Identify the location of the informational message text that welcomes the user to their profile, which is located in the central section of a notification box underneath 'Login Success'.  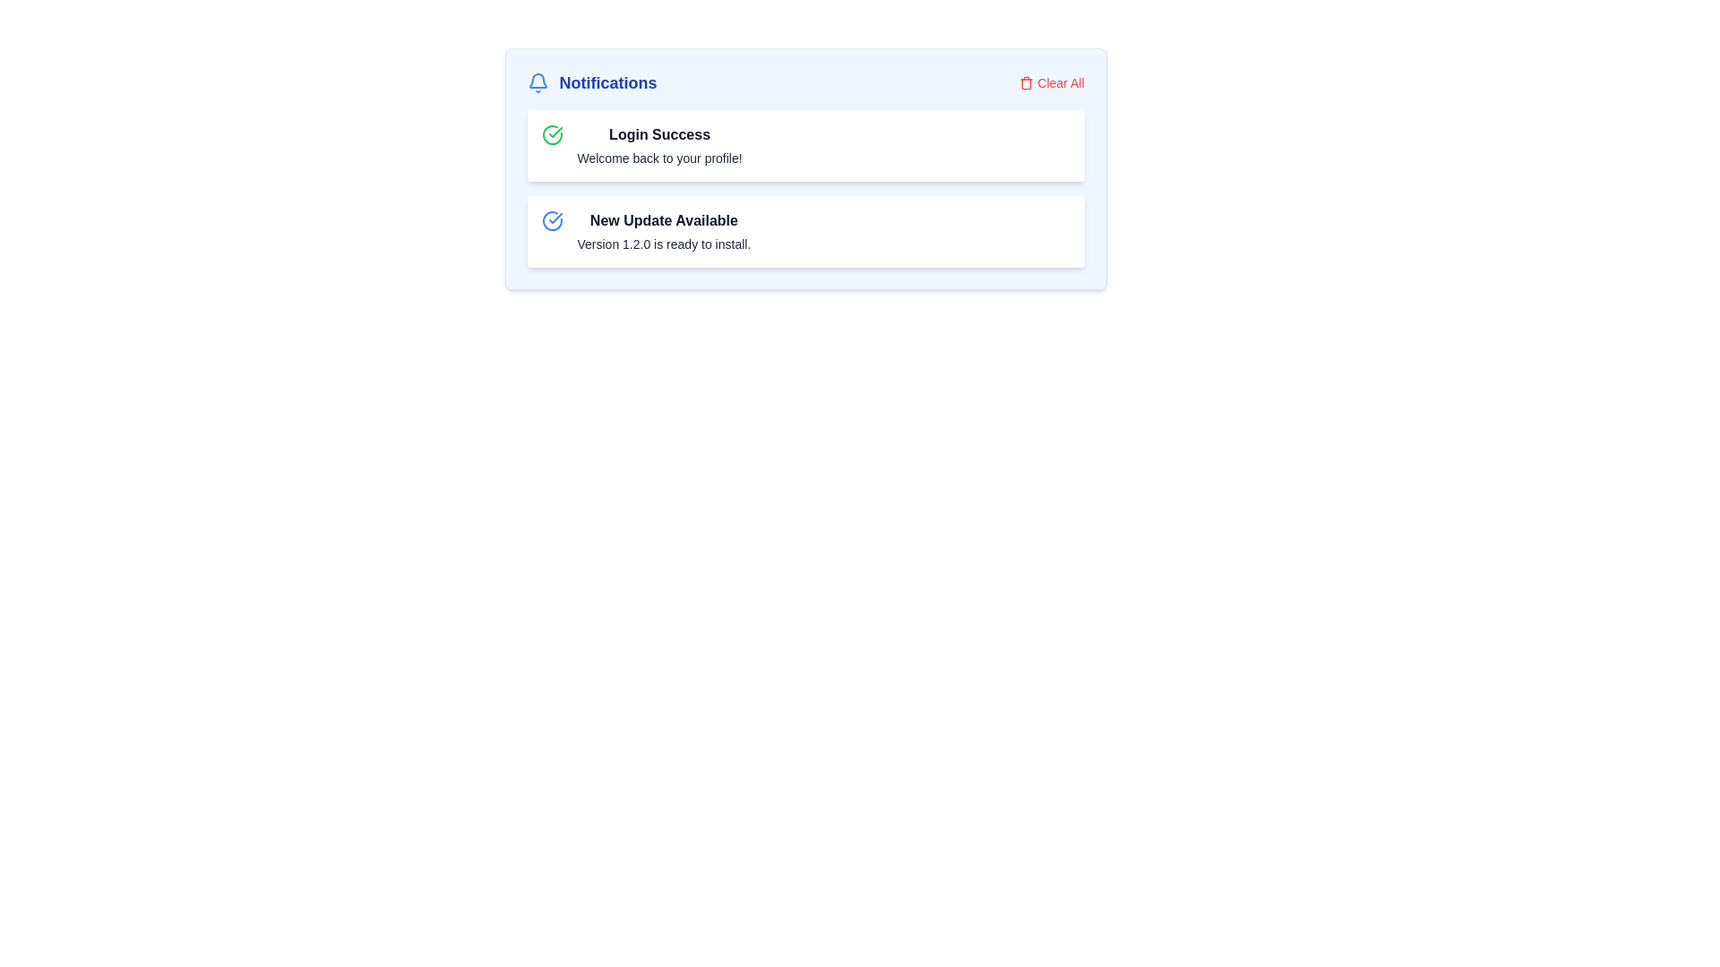
(658, 158).